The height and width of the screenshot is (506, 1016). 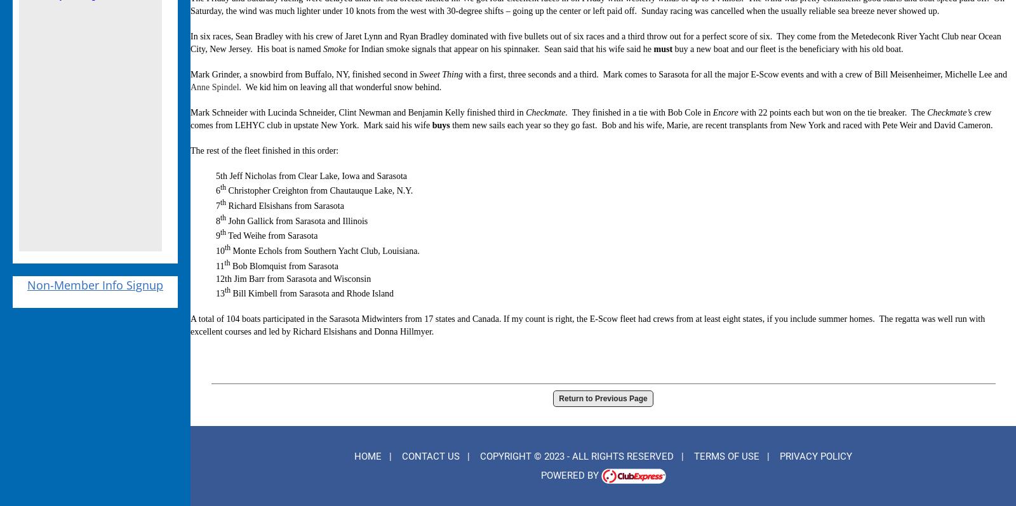 What do you see at coordinates (440, 74) in the screenshot?
I see `'Sweet Thing'` at bounding box center [440, 74].